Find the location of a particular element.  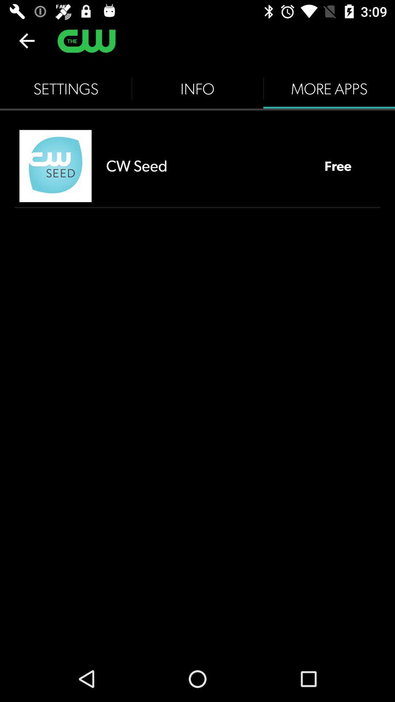

cw seed item is located at coordinates (208, 165).